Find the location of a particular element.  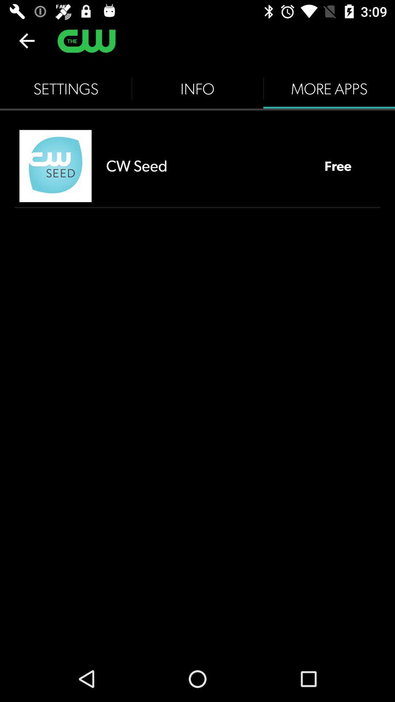

cw seed item is located at coordinates (208, 165).